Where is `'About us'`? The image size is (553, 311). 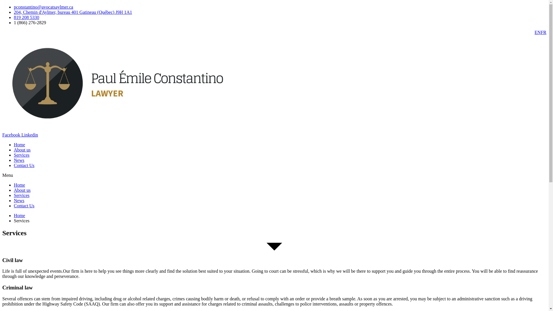 'About us' is located at coordinates (14, 149).